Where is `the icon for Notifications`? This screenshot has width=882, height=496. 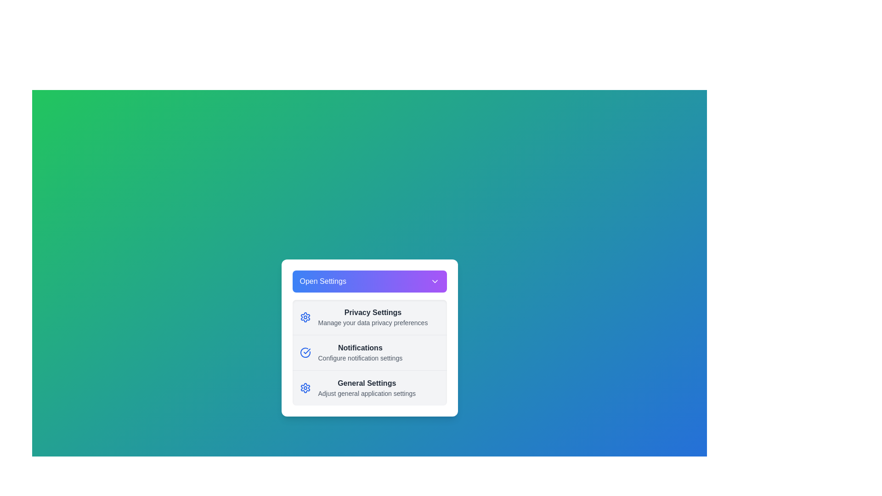
the icon for Notifications is located at coordinates (305, 352).